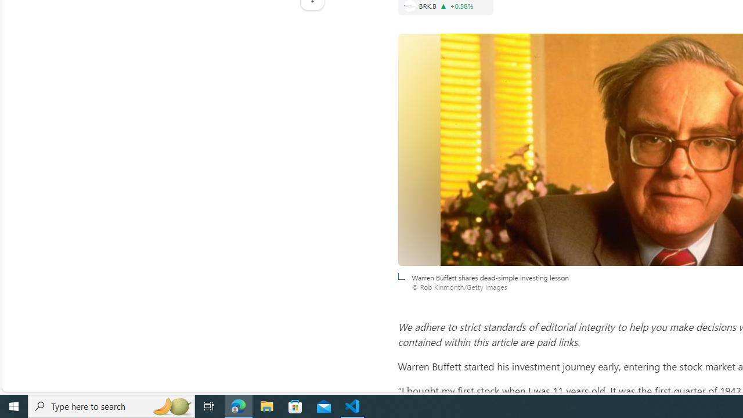 Image resolution: width=743 pixels, height=418 pixels. Describe the element at coordinates (443, 6) in the screenshot. I see `'Price increase'` at that location.